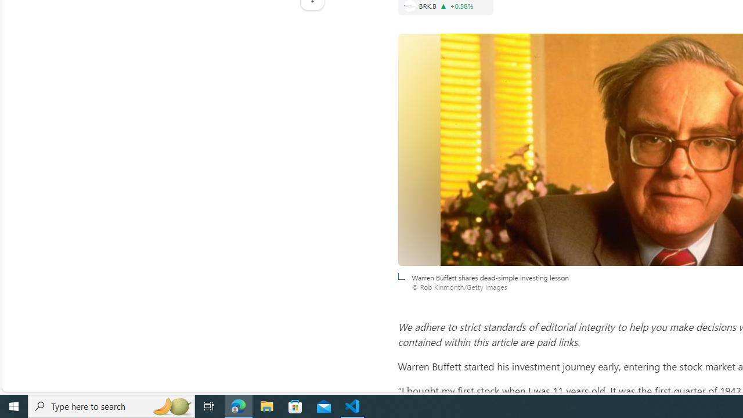 Image resolution: width=743 pixels, height=418 pixels. Describe the element at coordinates (443, 6) in the screenshot. I see `'Price increase'` at that location.